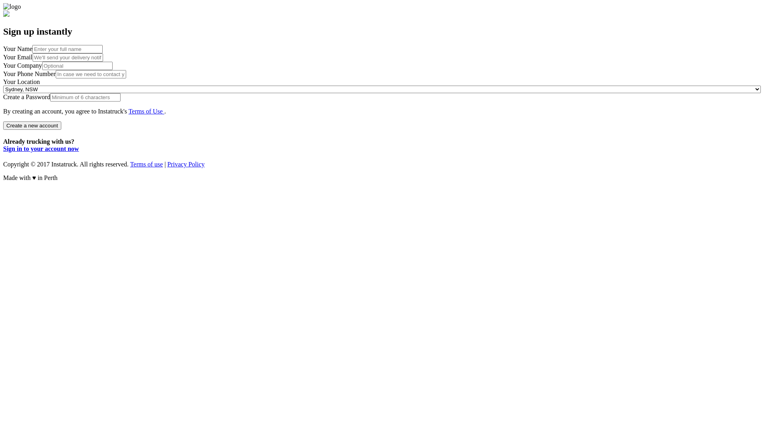 Image resolution: width=764 pixels, height=430 pixels. Describe the element at coordinates (146, 164) in the screenshot. I see `'Terms of use'` at that location.